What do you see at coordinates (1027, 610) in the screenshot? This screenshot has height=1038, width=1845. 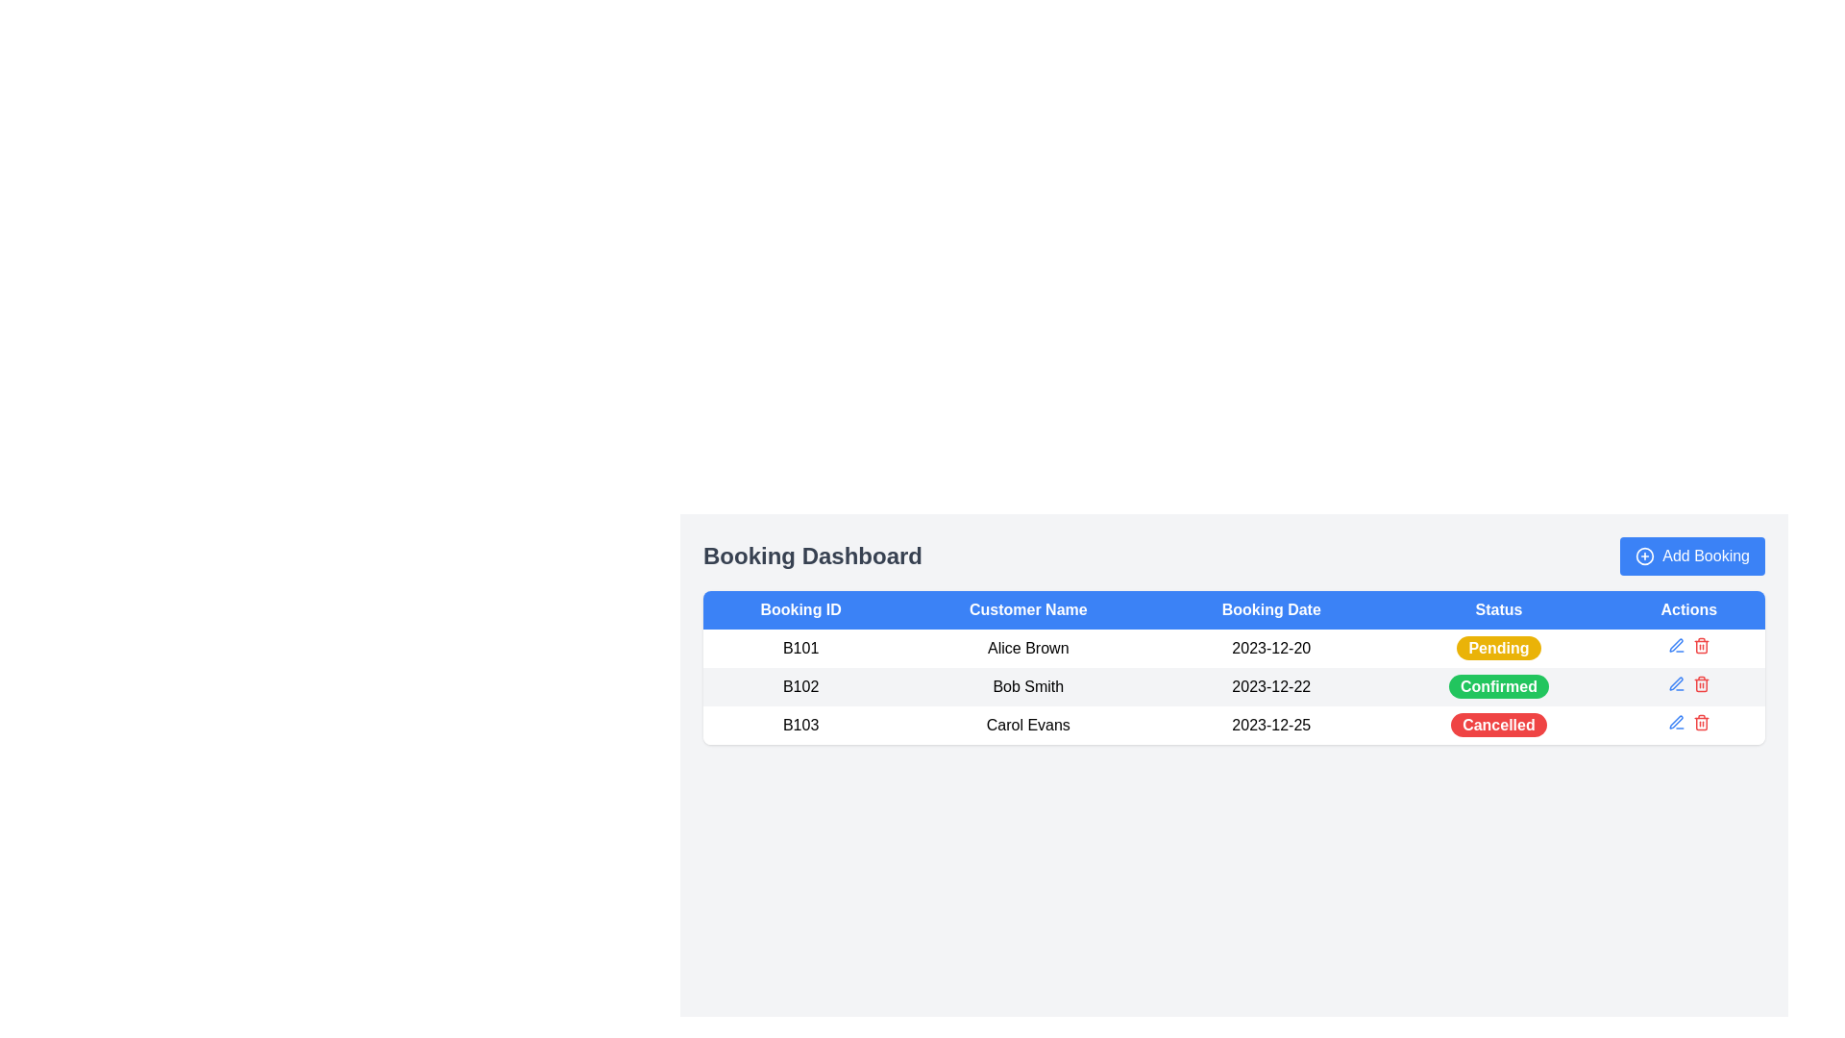 I see `the second column header in the data table that indicates customer names, located between the 'Booking ID' and 'Booking Date' columns` at bounding box center [1027, 610].